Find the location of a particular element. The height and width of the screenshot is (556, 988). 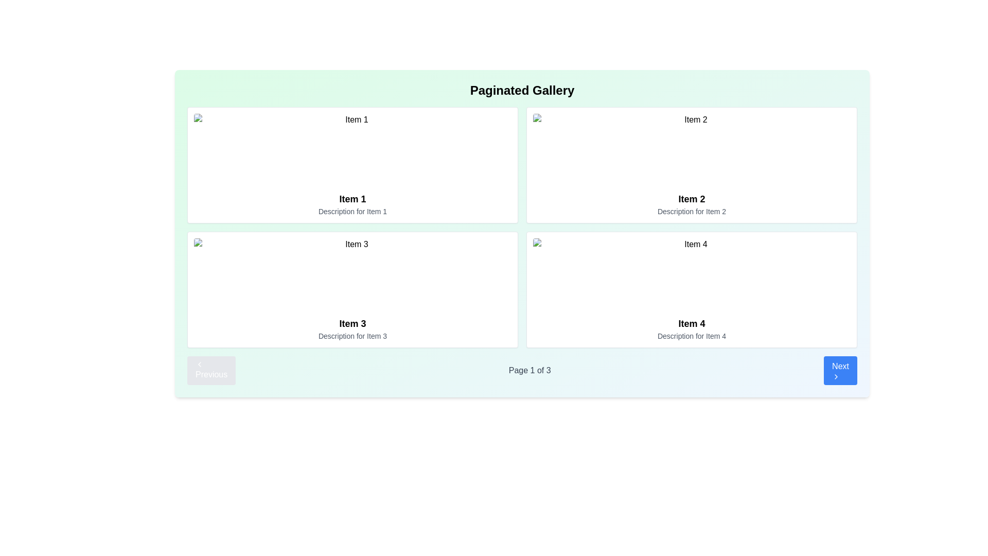

properties of the image labeled 'Item 3', which is located in the top section of the third card in a grid layout is located at coordinates (352, 275).